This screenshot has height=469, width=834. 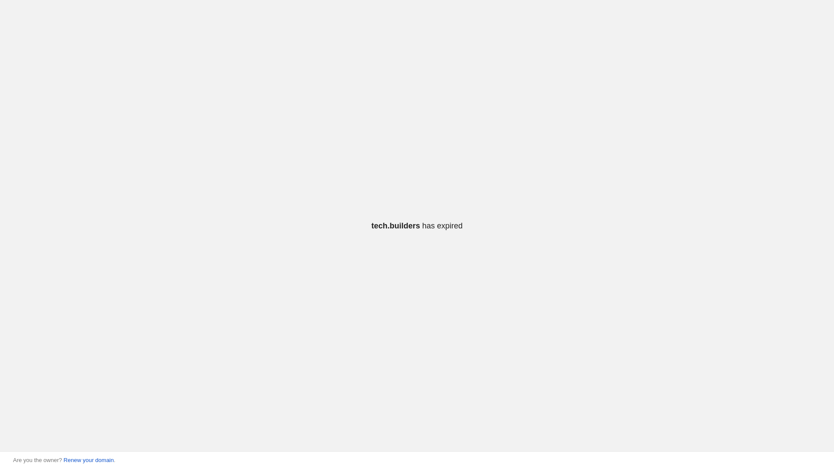 I want to click on 'Renew your domain', so click(x=88, y=459).